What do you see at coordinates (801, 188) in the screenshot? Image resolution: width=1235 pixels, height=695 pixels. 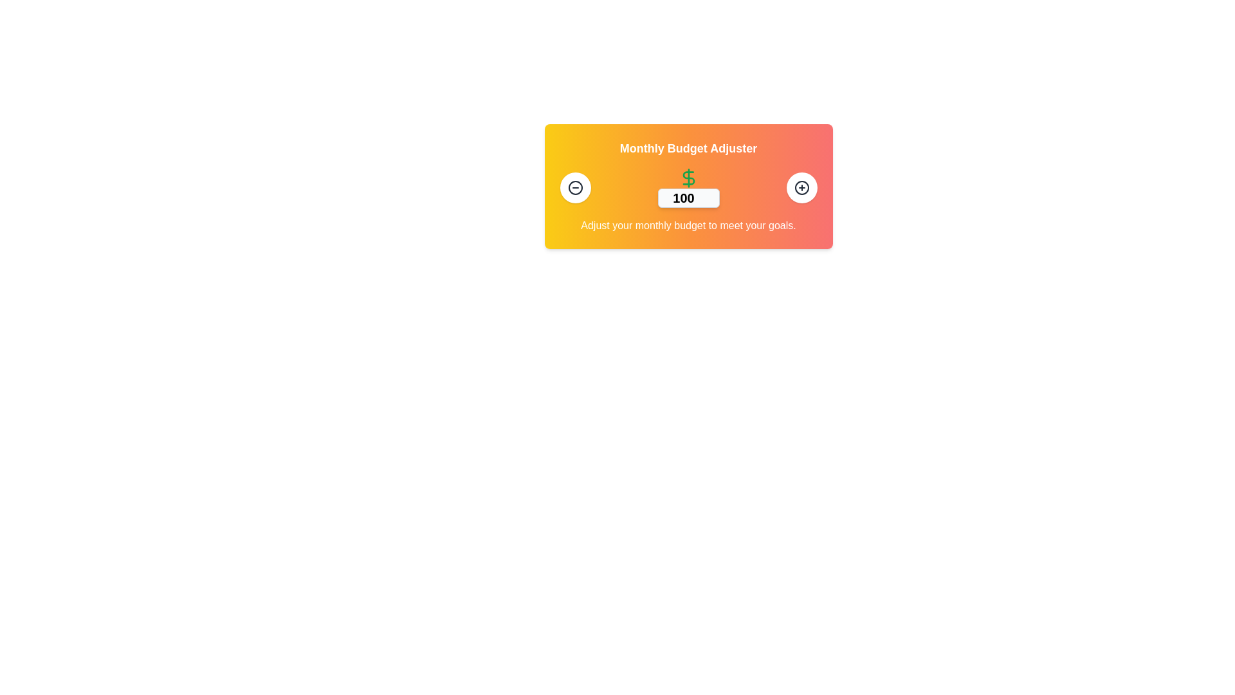 I see `the increment button located at the rightmost side of the layout, adjacent to the number display component` at bounding box center [801, 188].